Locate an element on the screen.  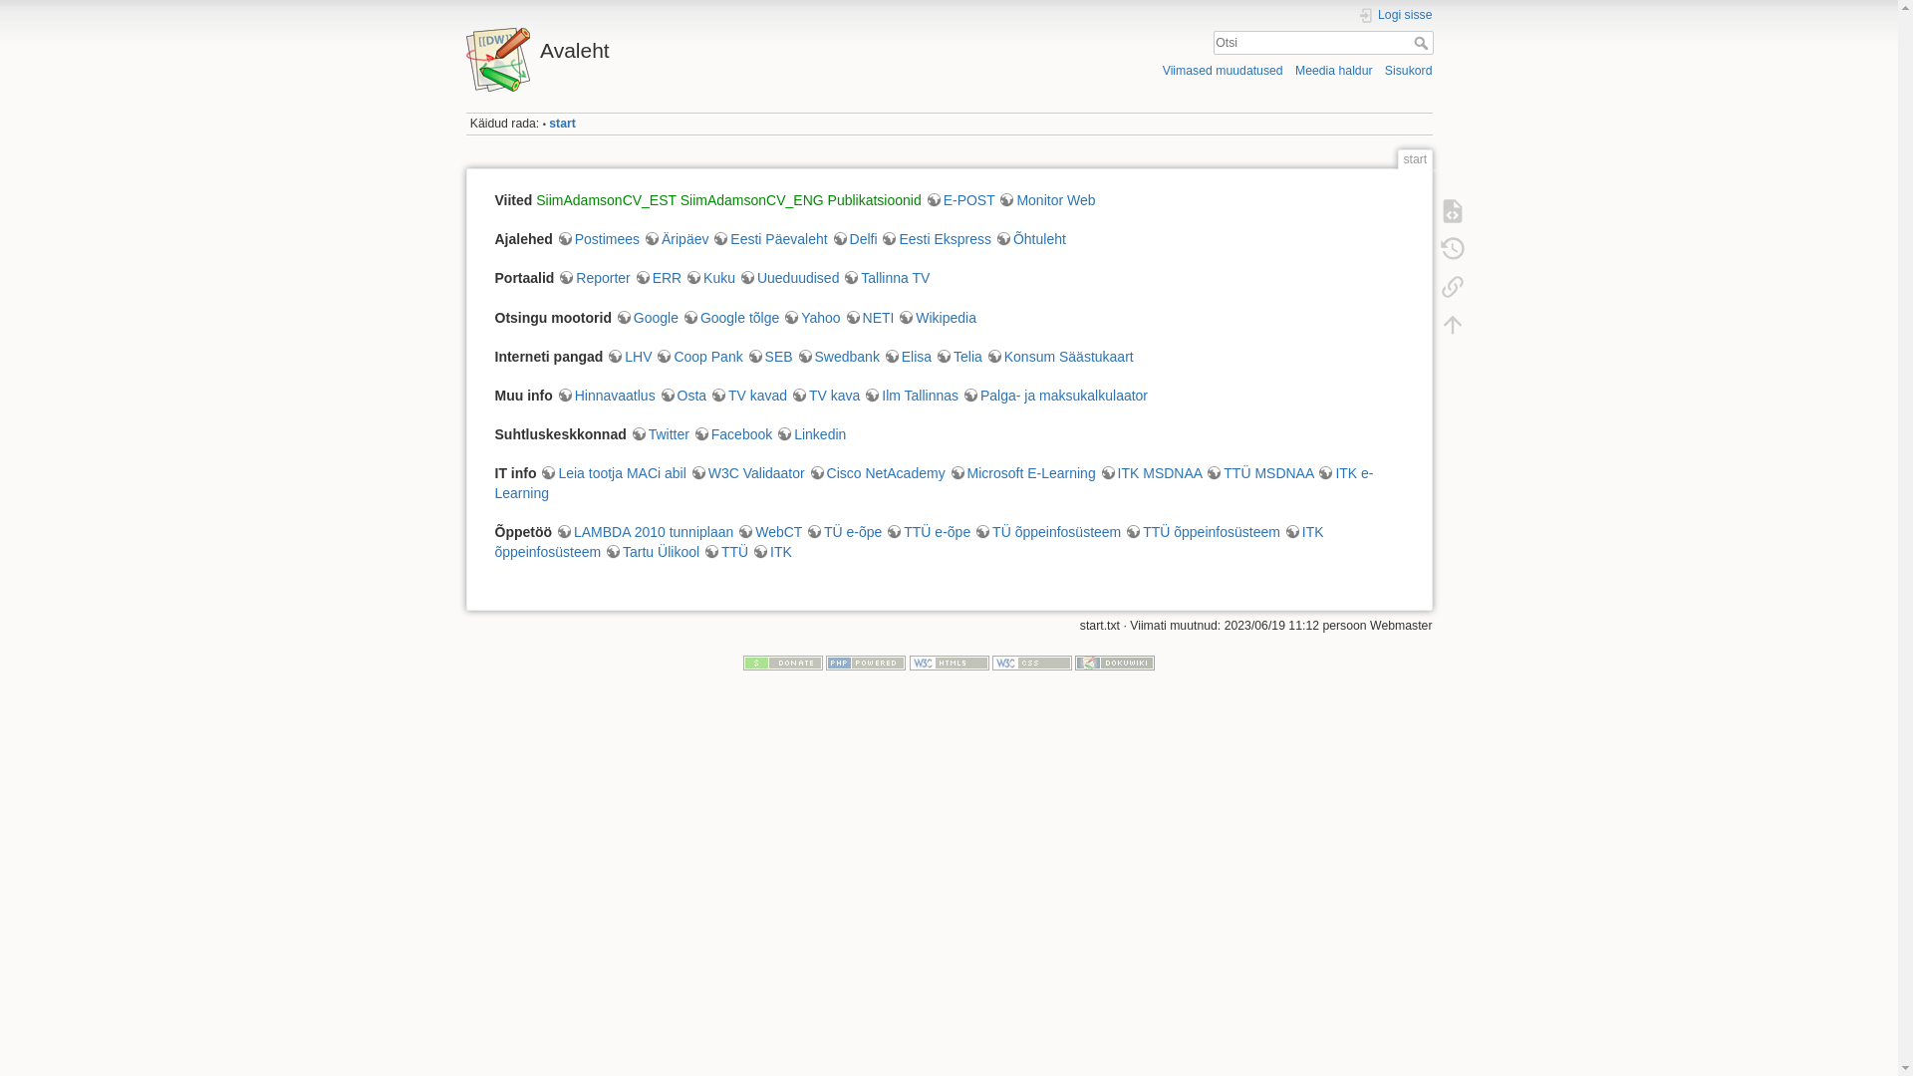
'[F]' is located at coordinates (1323, 43).